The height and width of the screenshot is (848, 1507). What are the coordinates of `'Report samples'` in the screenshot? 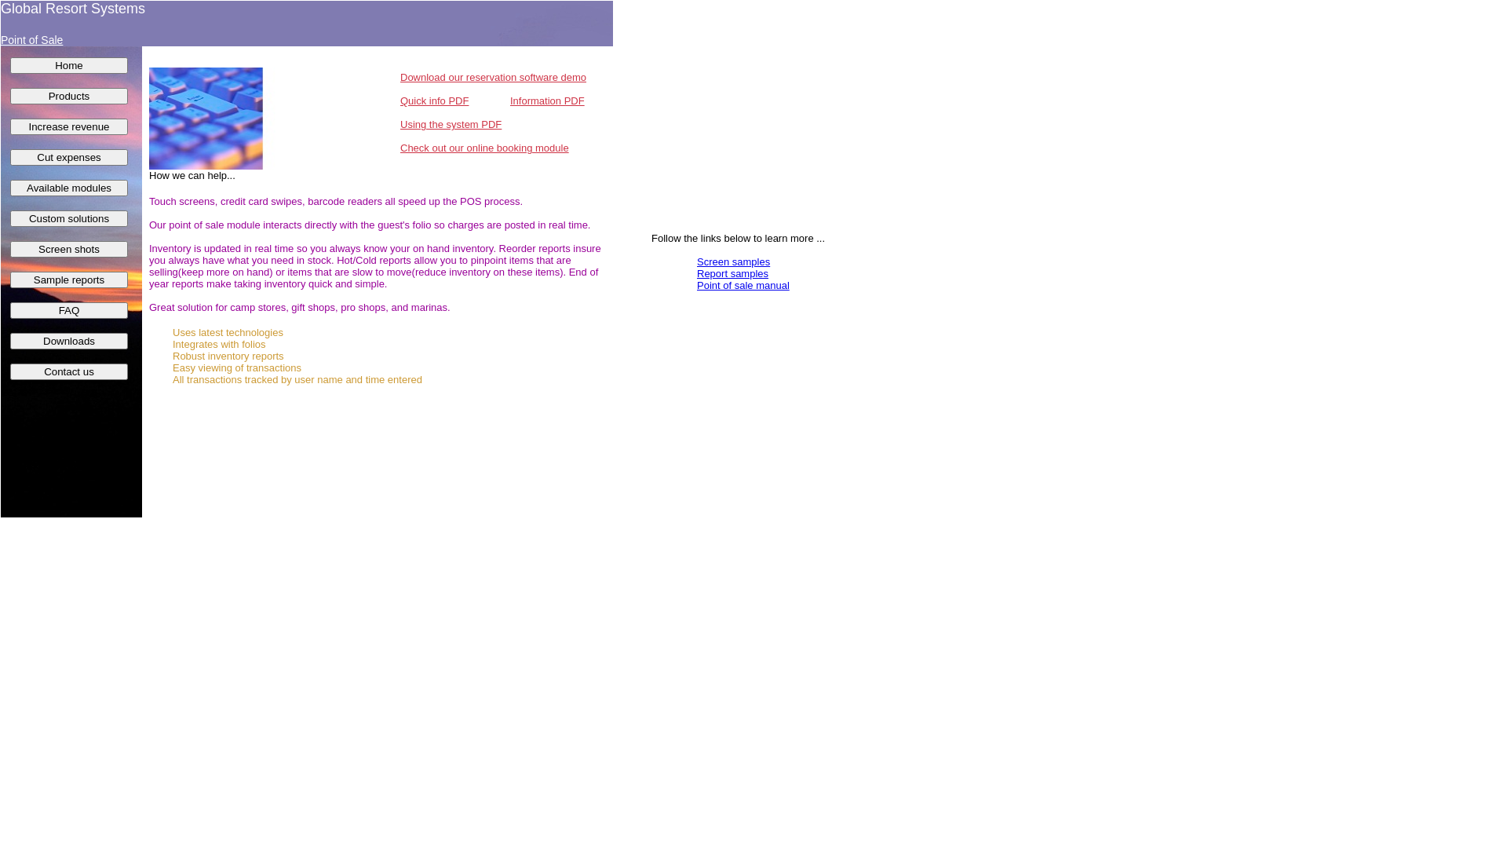 It's located at (696, 272).